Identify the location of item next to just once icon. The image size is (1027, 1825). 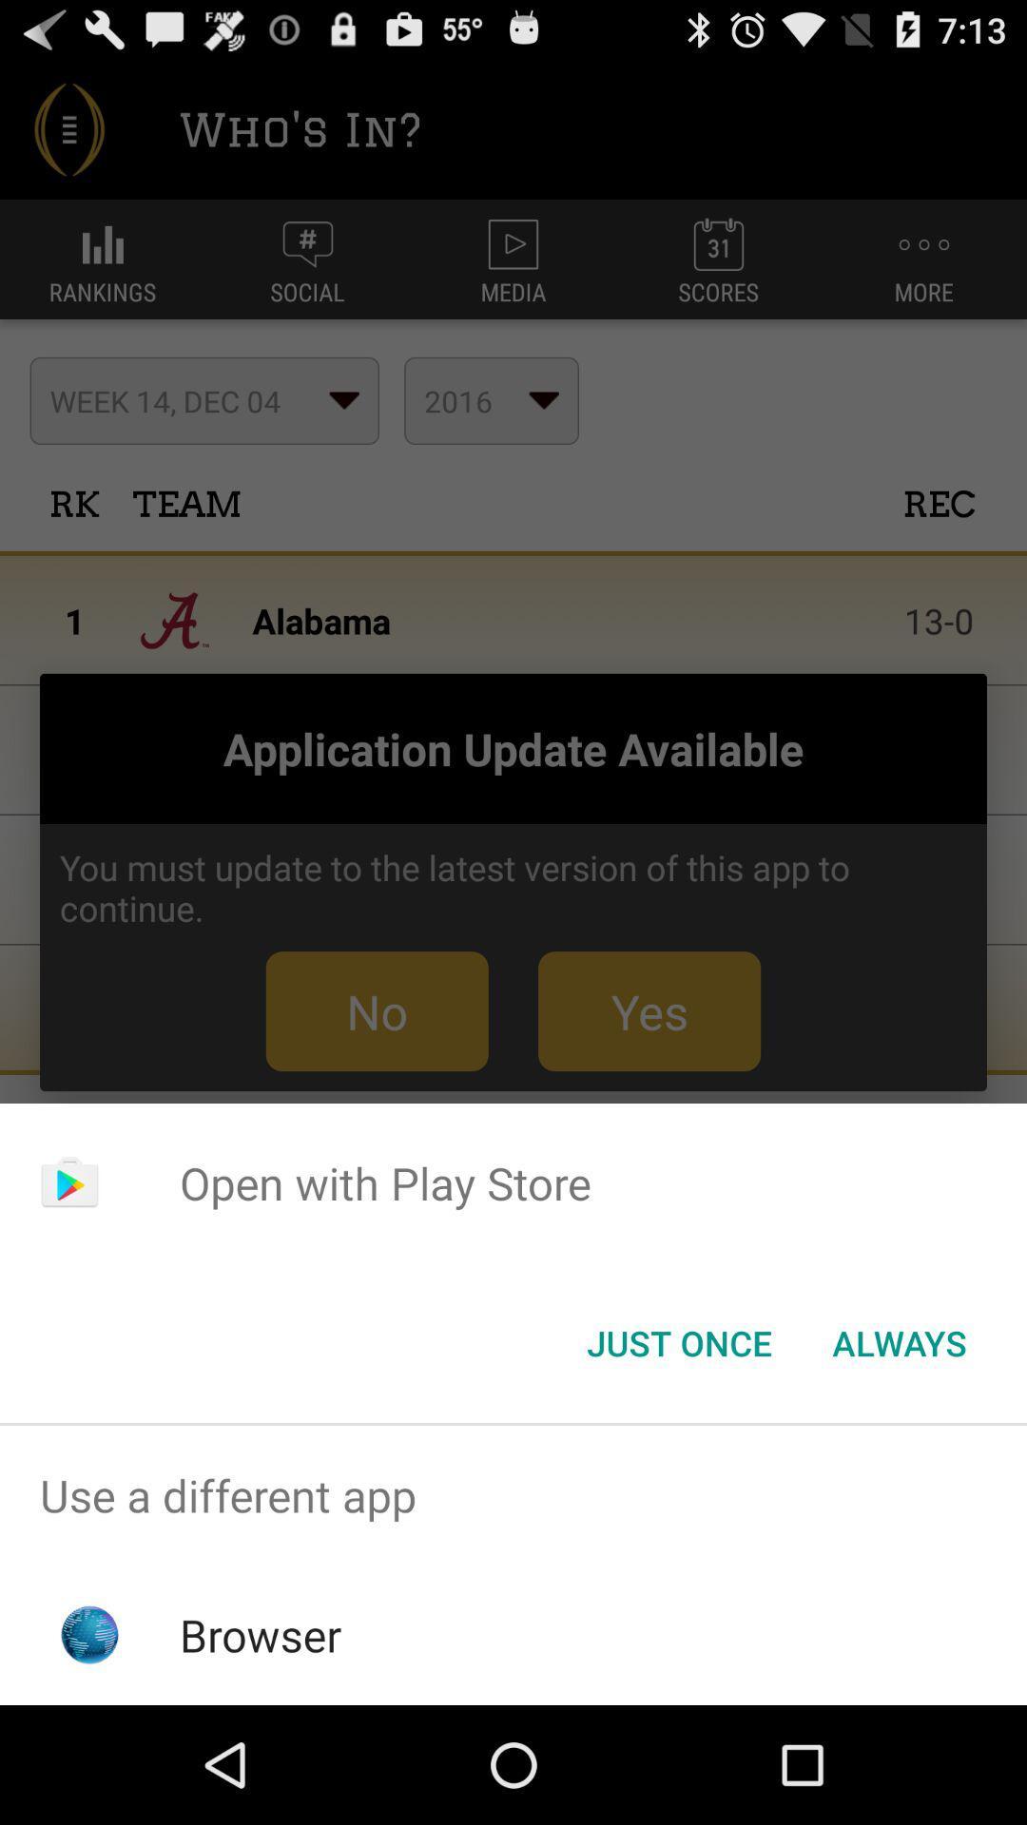
(899, 1341).